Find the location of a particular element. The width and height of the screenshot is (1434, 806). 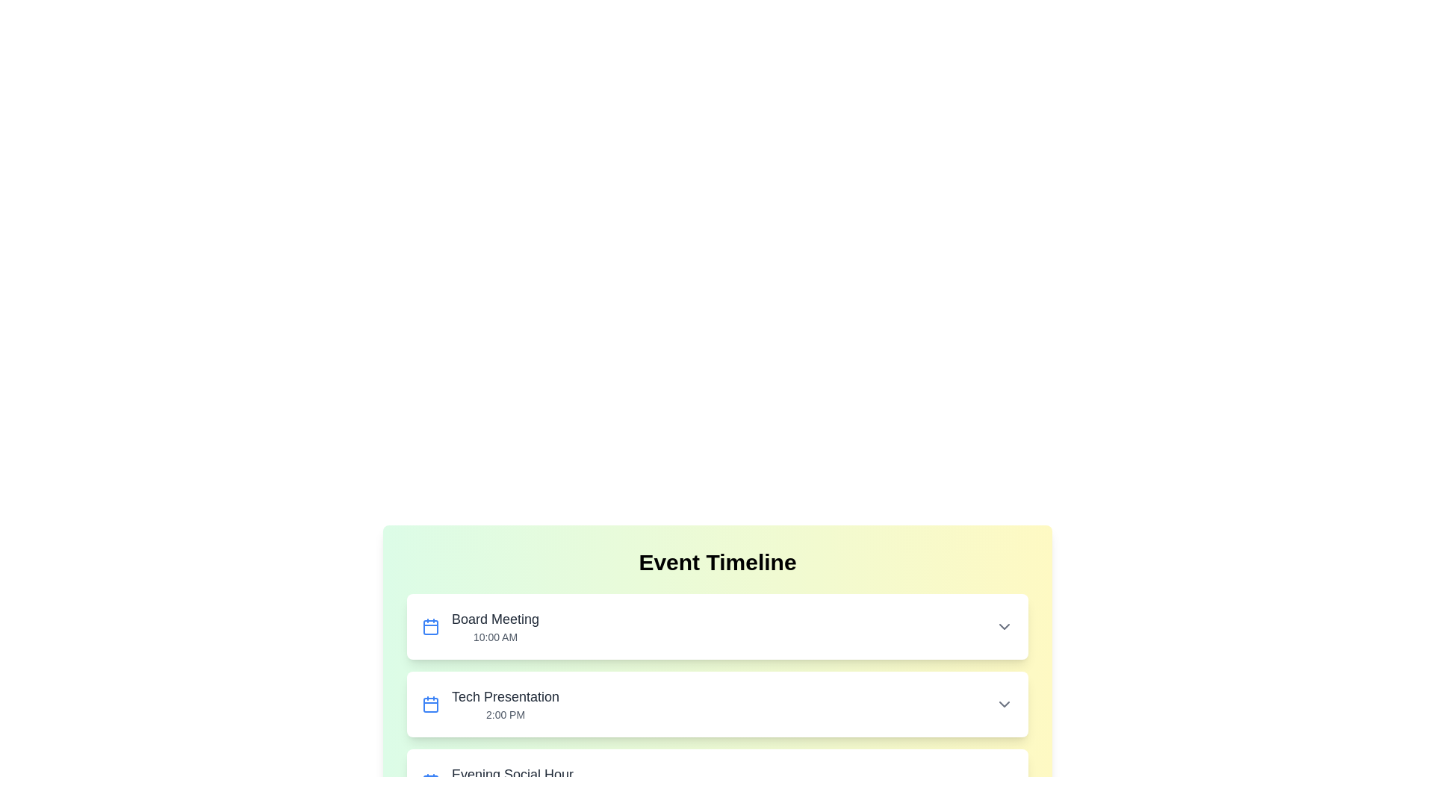

the Text Label displaying 'Evening Social Hour 5:00 PM' which is the last item in the 'Event Timeline' section, aligned to the left is located at coordinates (497, 781).